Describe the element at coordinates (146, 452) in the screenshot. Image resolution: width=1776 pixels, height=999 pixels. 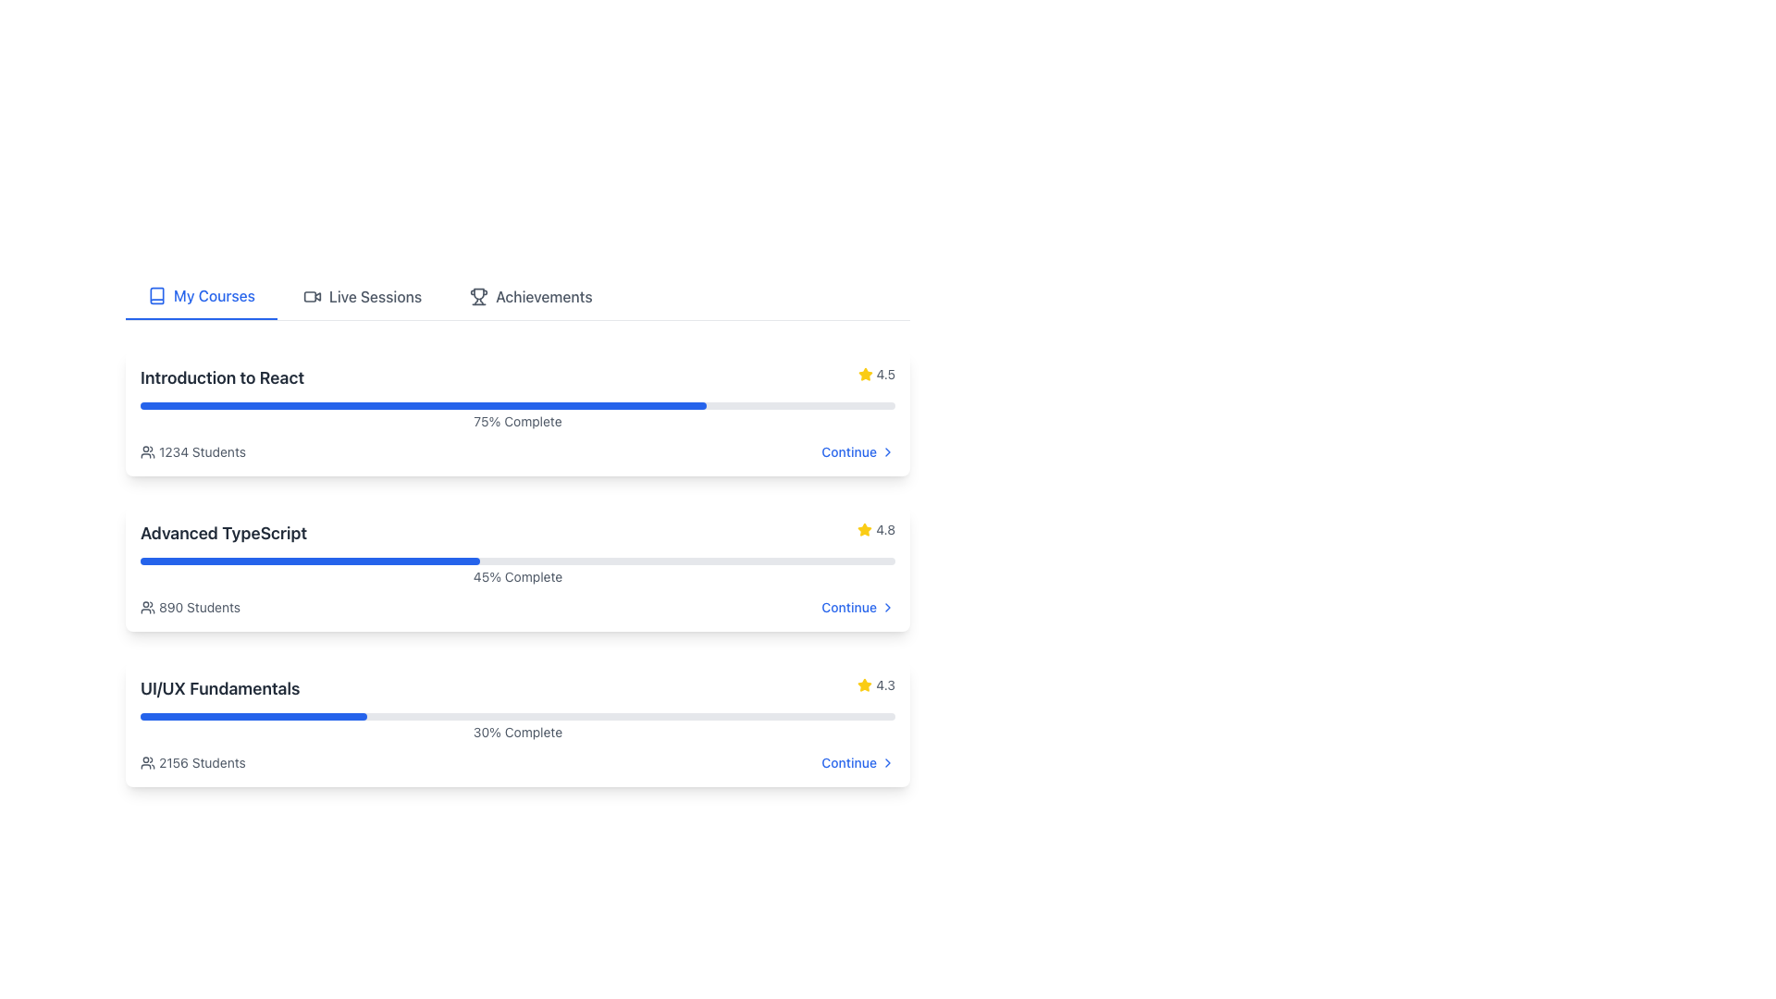
I see `the student icon SVG graphic located to the left of the text '1234 Students' in the 'Introduction to React' section` at that location.